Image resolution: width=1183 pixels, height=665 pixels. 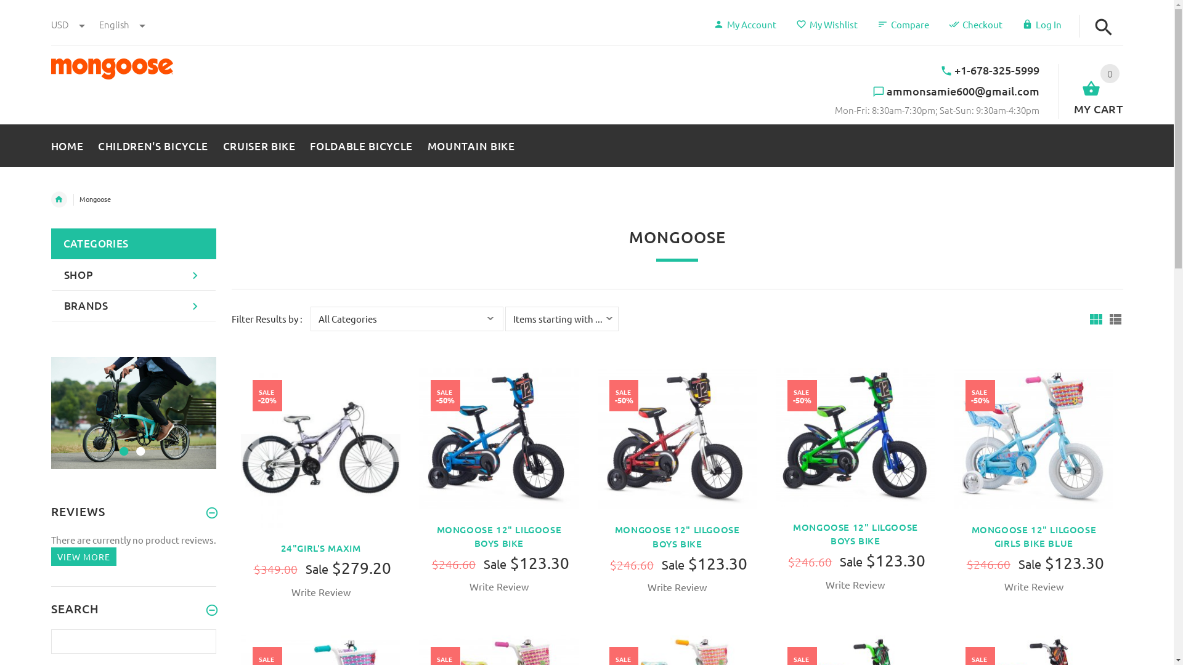 What do you see at coordinates (1095, 318) in the screenshot?
I see `'Grid'` at bounding box center [1095, 318].